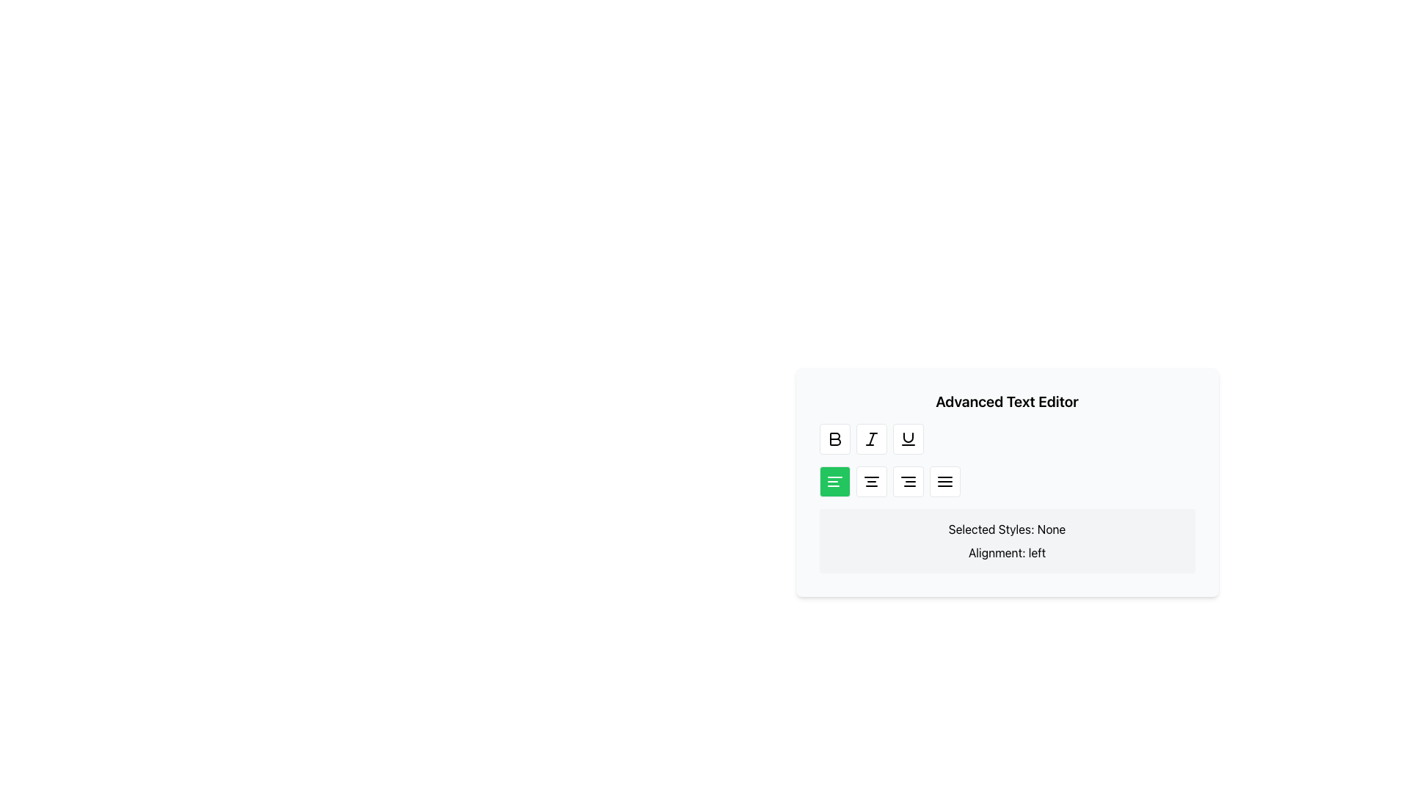 The width and height of the screenshot is (1409, 792). What do you see at coordinates (944, 481) in the screenshot?
I see `the 'justify alignment' button, which is the last button in the bottom row of alignment controls in the 'Advanced Text Editor'` at bounding box center [944, 481].